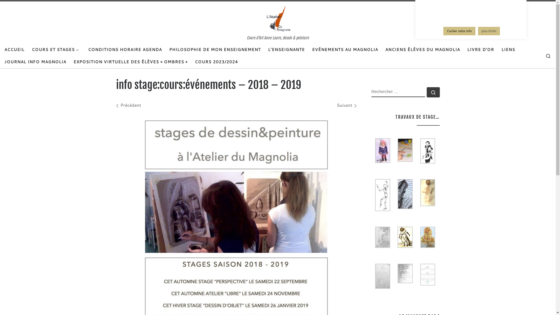 The width and height of the screenshot is (560, 315). What do you see at coordinates (3, 62) in the screenshot?
I see `'JOURNAL INFO MAGNOLIA'` at bounding box center [3, 62].